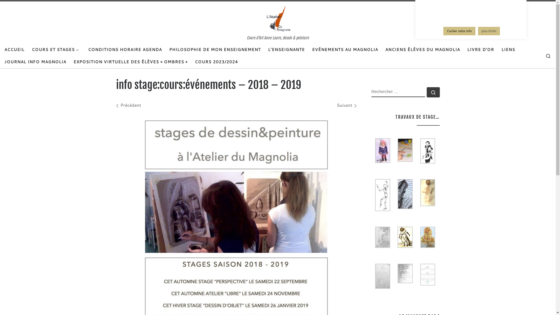 The width and height of the screenshot is (560, 315). What do you see at coordinates (3, 62) in the screenshot?
I see `'JOURNAL INFO MAGNOLIA'` at bounding box center [3, 62].